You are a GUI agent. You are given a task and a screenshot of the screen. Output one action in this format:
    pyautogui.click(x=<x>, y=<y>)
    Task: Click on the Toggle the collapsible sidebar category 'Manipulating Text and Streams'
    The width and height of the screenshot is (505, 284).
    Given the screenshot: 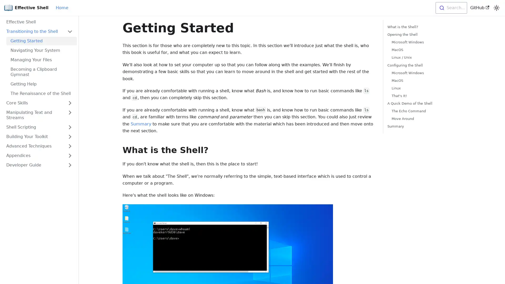 What is the action you would take?
    pyautogui.click(x=69, y=115)
    